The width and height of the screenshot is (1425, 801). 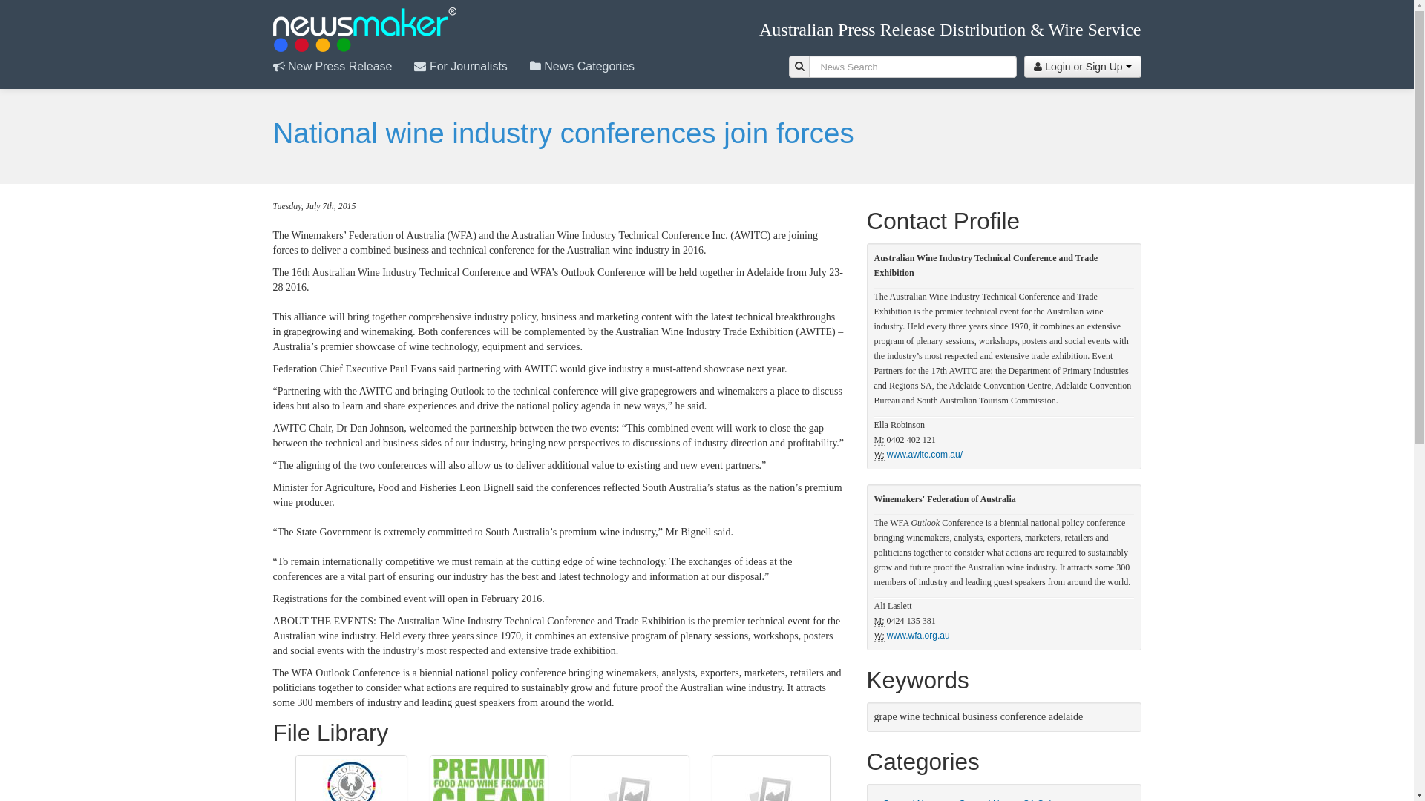 I want to click on 'www.awitc.com.au/', so click(x=887, y=454).